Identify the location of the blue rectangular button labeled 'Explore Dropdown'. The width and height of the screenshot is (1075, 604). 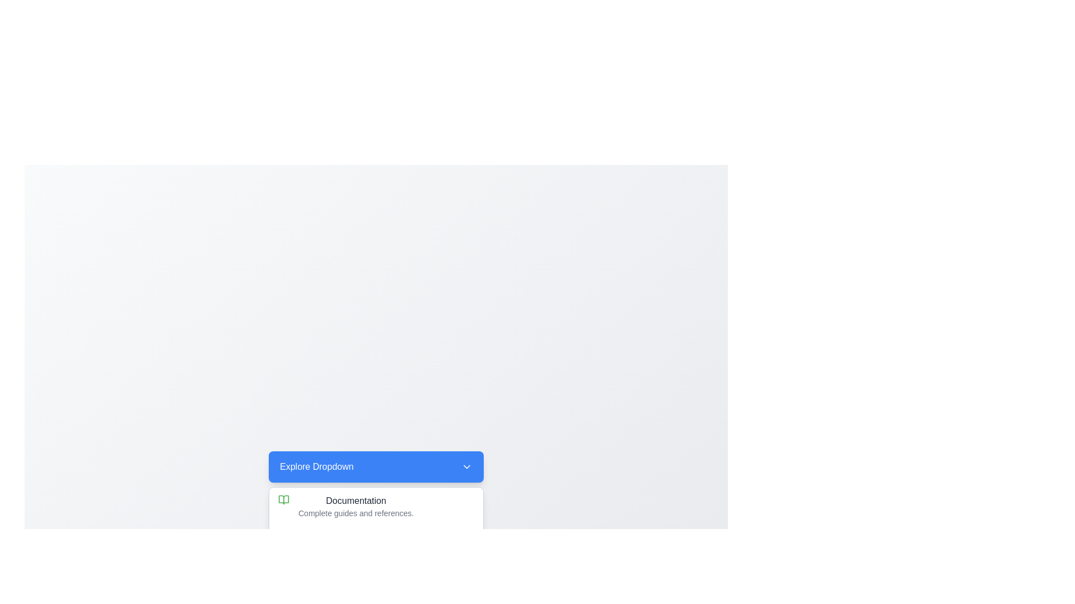
(376, 466).